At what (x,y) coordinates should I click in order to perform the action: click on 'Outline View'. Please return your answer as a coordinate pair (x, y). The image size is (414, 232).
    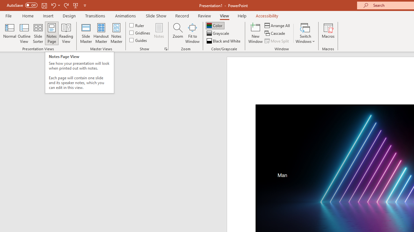
    Looking at the image, I should click on (24, 33).